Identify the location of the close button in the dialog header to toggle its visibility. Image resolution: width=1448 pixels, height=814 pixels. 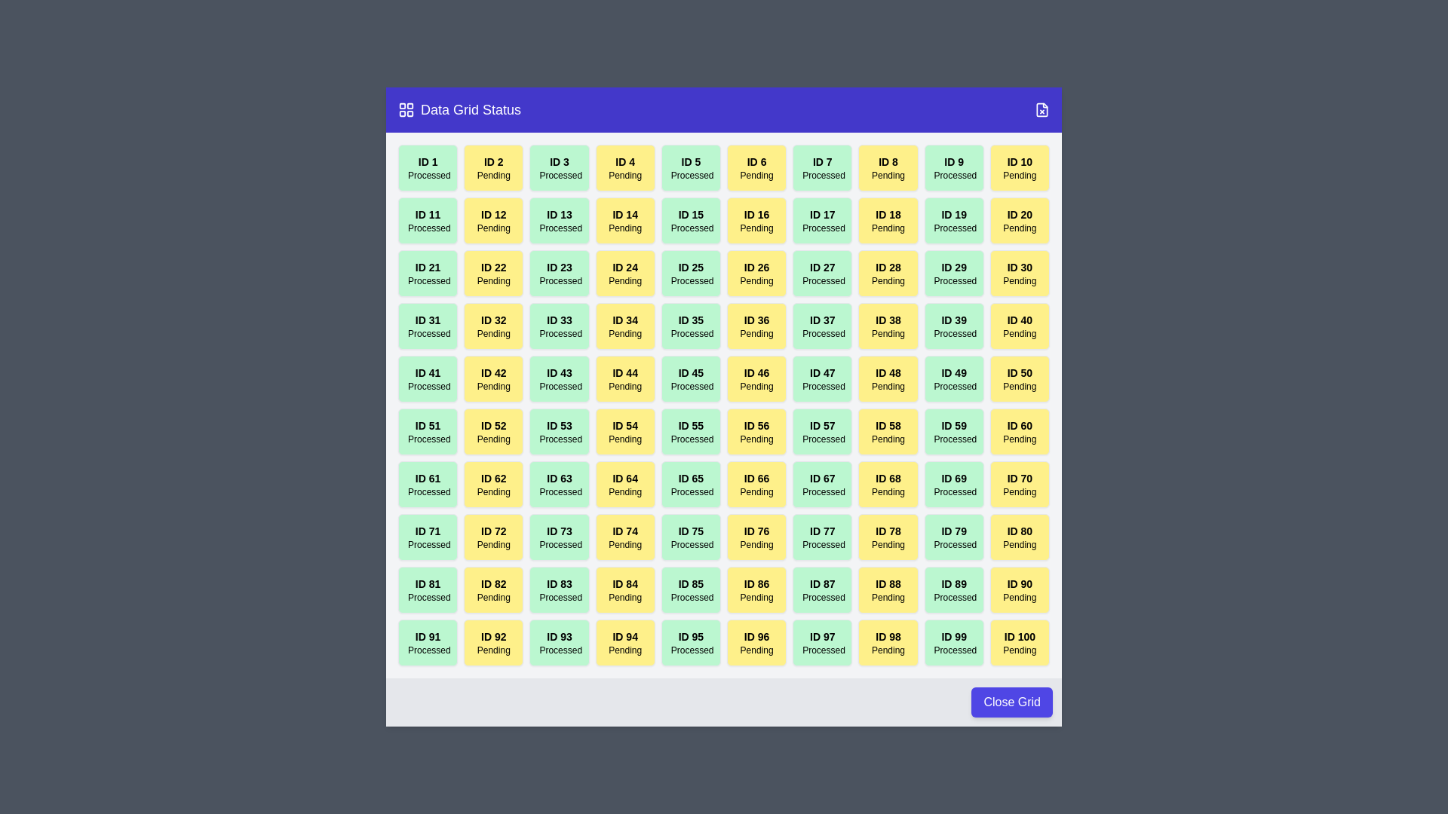
(1042, 109).